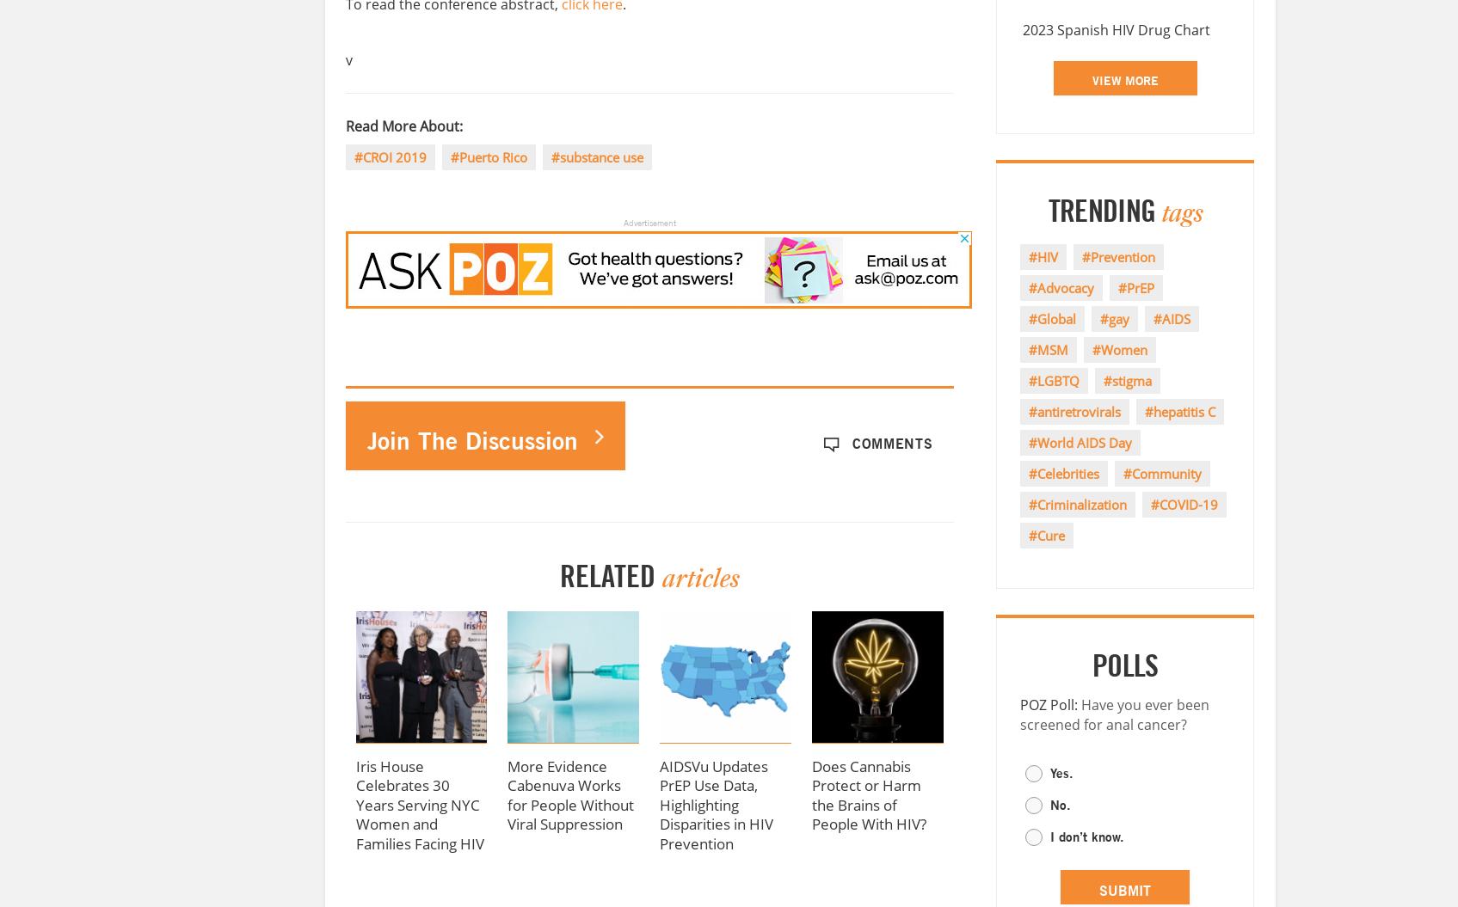 This screenshot has width=1458, height=907. What do you see at coordinates (648, 221) in the screenshot?
I see `'Advertisement'` at bounding box center [648, 221].